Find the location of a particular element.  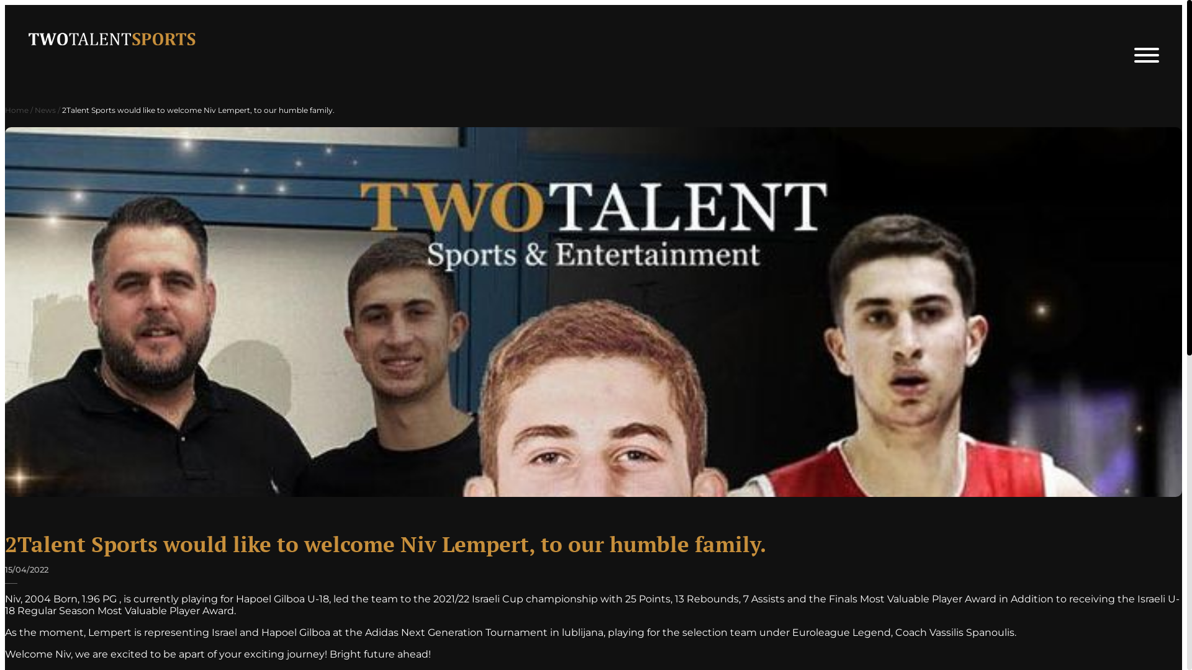

'Home' is located at coordinates (17, 109).